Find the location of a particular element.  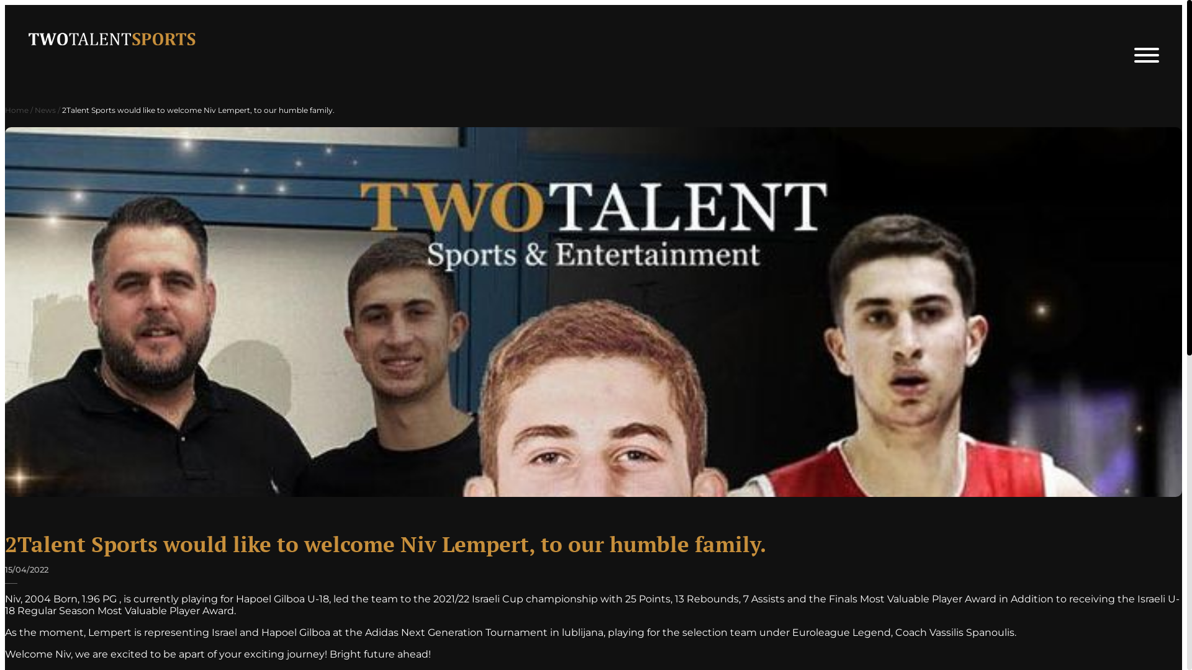

'Home' is located at coordinates (17, 109).